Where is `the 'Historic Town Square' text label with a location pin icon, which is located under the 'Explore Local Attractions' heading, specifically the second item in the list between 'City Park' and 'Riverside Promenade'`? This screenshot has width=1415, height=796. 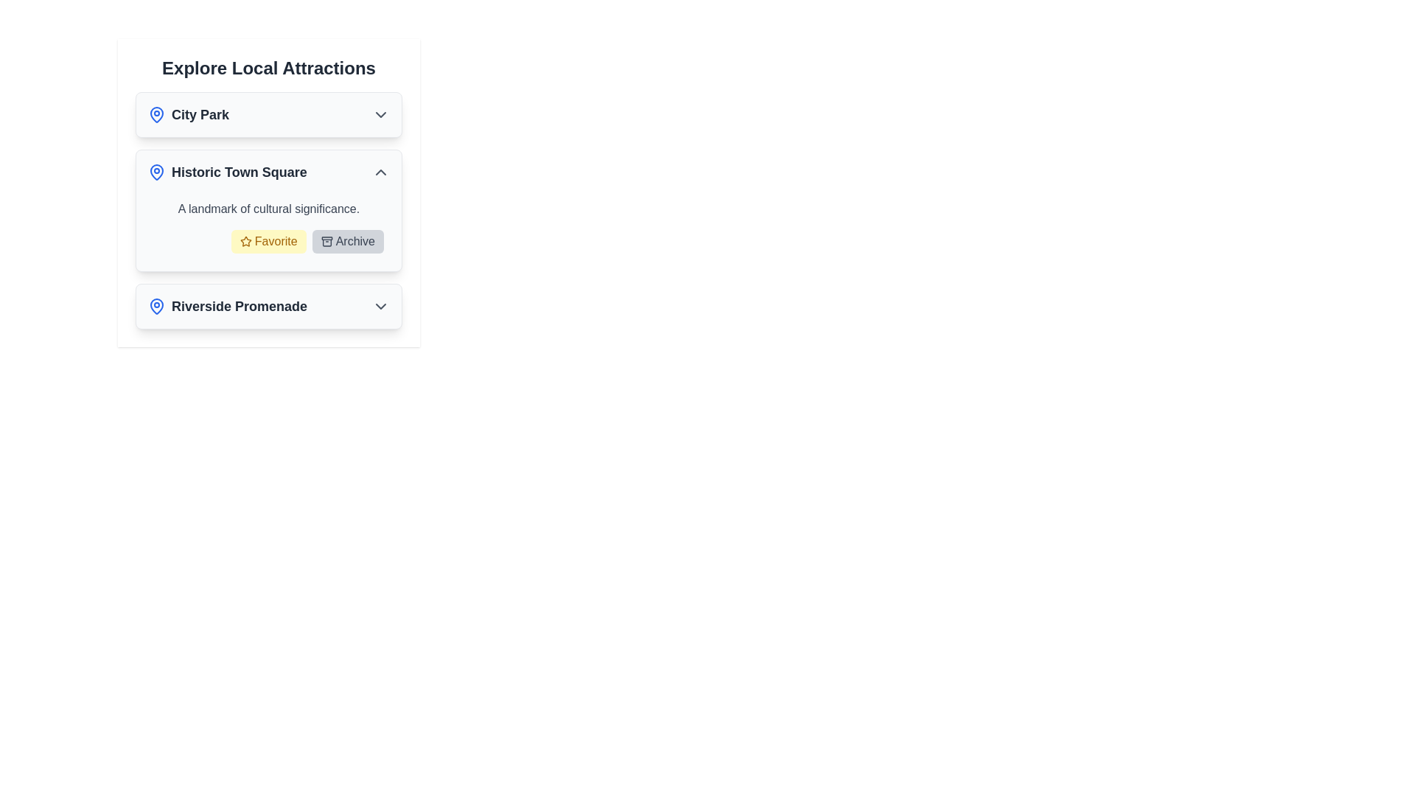 the 'Historic Town Square' text label with a location pin icon, which is located under the 'Explore Local Attractions' heading, specifically the second item in the list between 'City Park' and 'Riverside Promenade' is located at coordinates (226, 172).